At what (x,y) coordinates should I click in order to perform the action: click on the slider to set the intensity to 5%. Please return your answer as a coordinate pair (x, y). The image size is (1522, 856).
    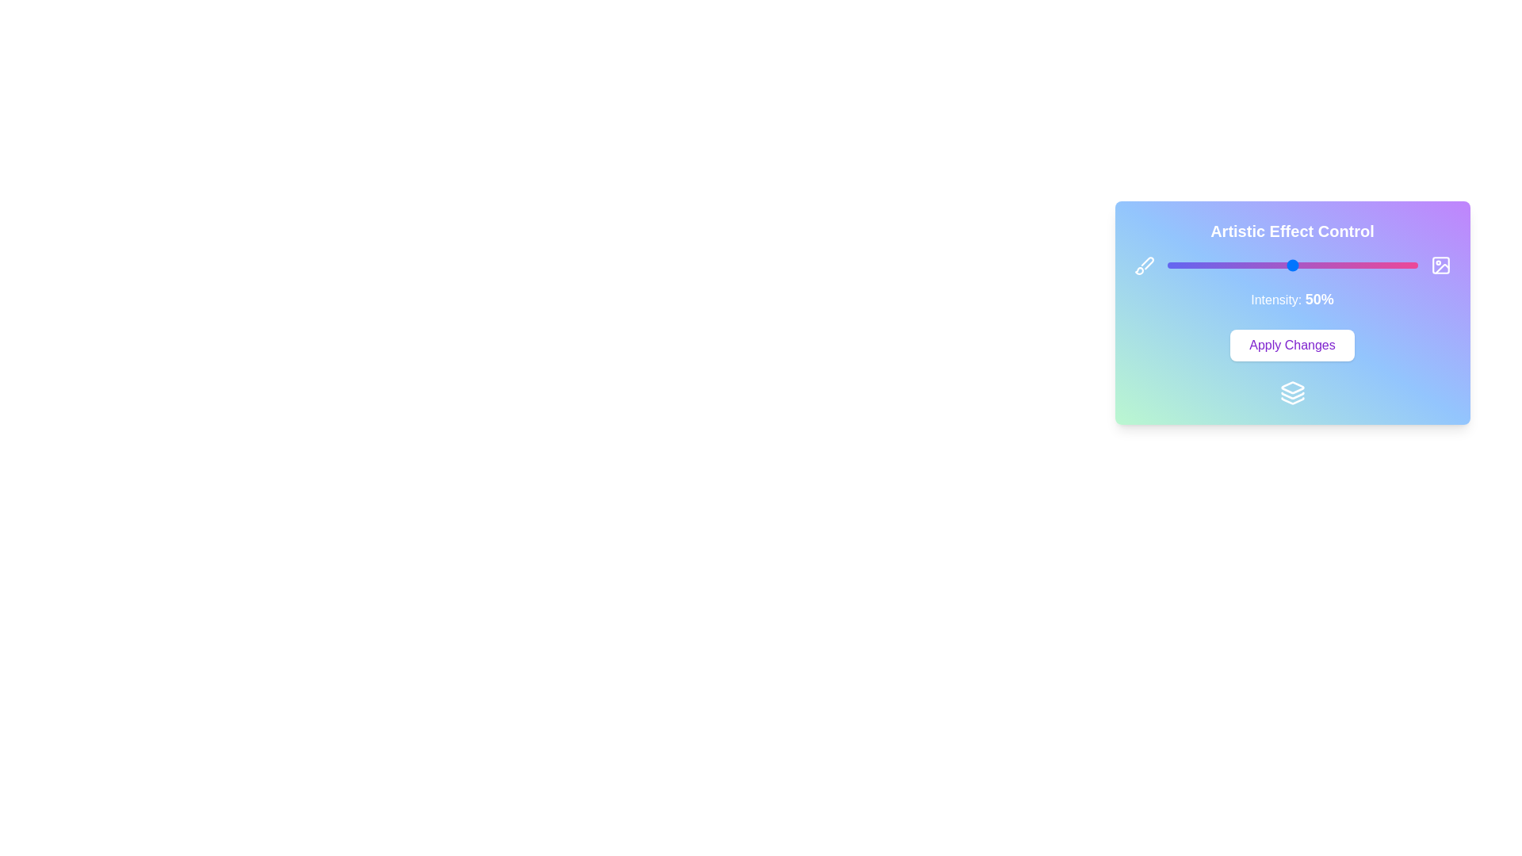
    Looking at the image, I should click on (1180, 265).